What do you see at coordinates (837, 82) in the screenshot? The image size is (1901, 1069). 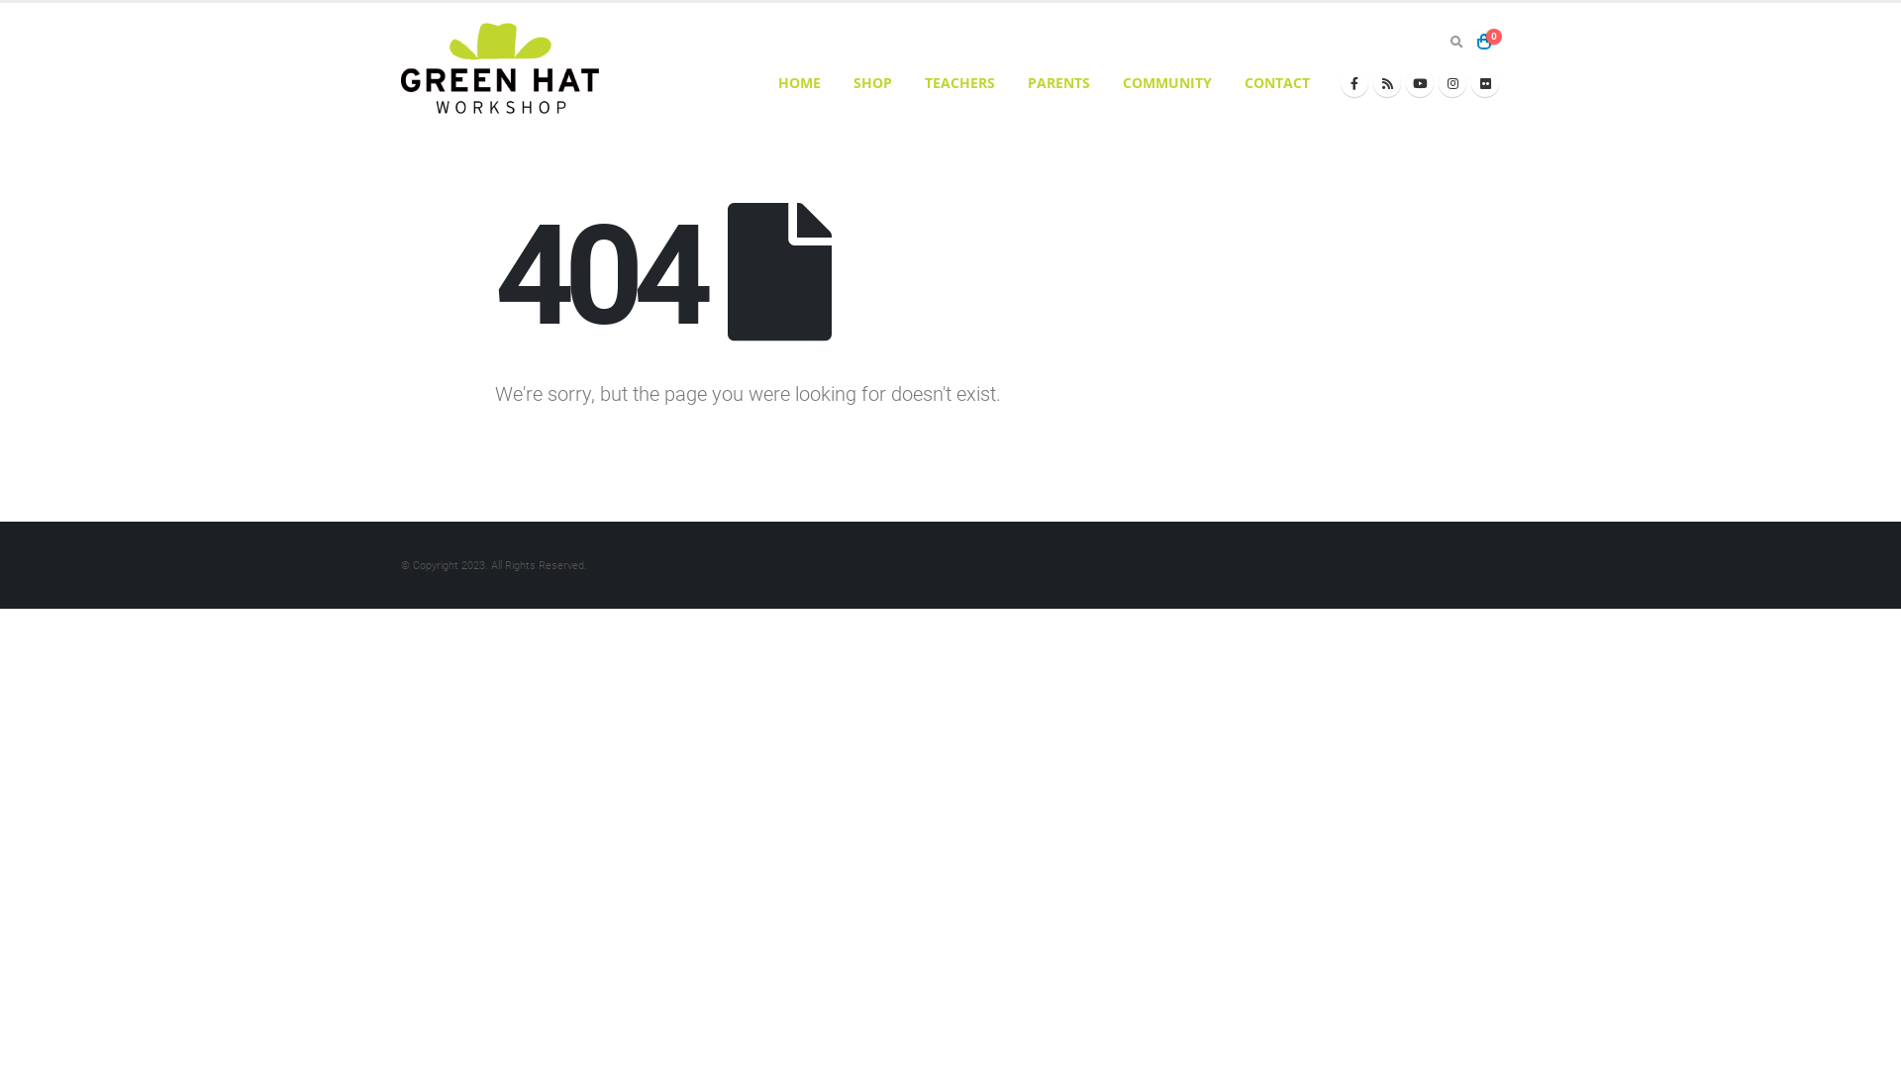 I see `'SHOP'` at bounding box center [837, 82].